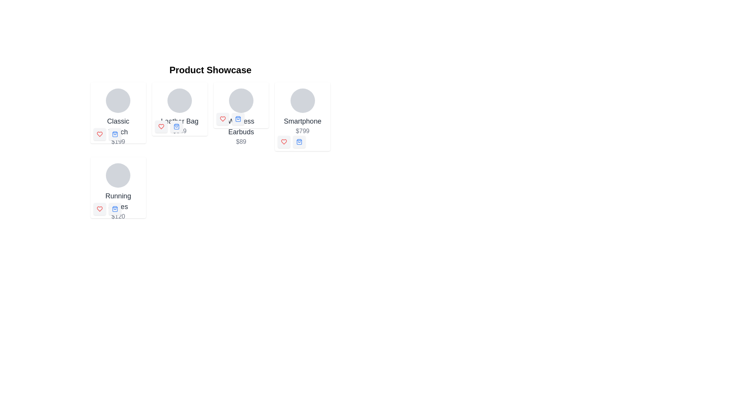 The image size is (734, 412). What do you see at coordinates (179, 112) in the screenshot?
I see `the Product Display Card, which is the second card in the horizontal list of product cards in the 'Product Showcase' section` at bounding box center [179, 112].